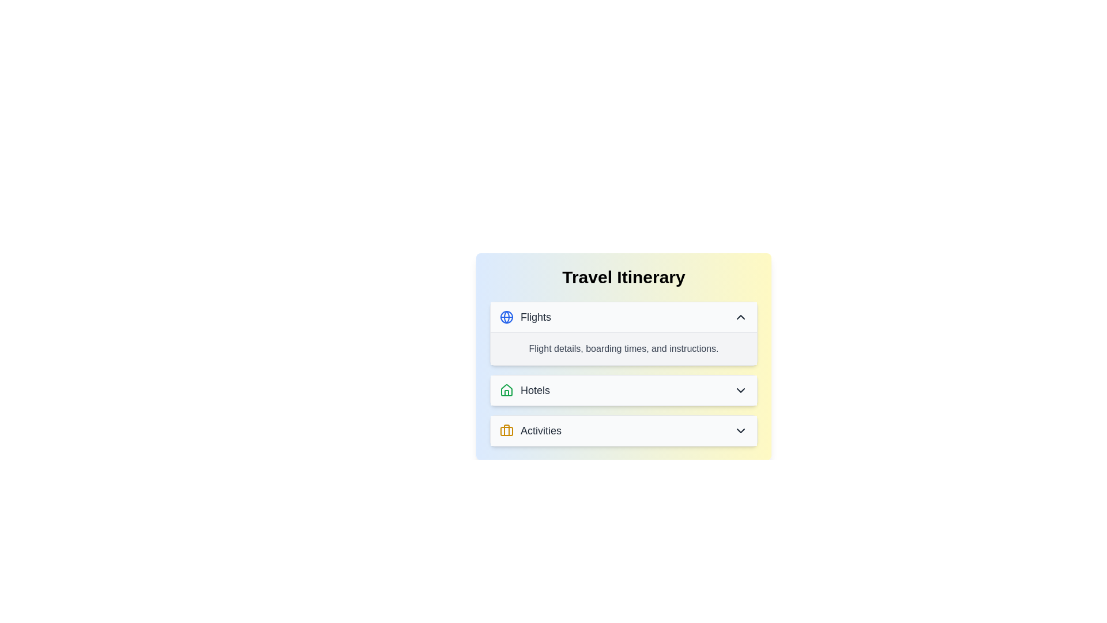  What do you see at coordinates (741, 390) in the screenshot?
I see `the downward-facing chevron icon located to the right of the 'Hotels' text` at bounding box center [741, 390].